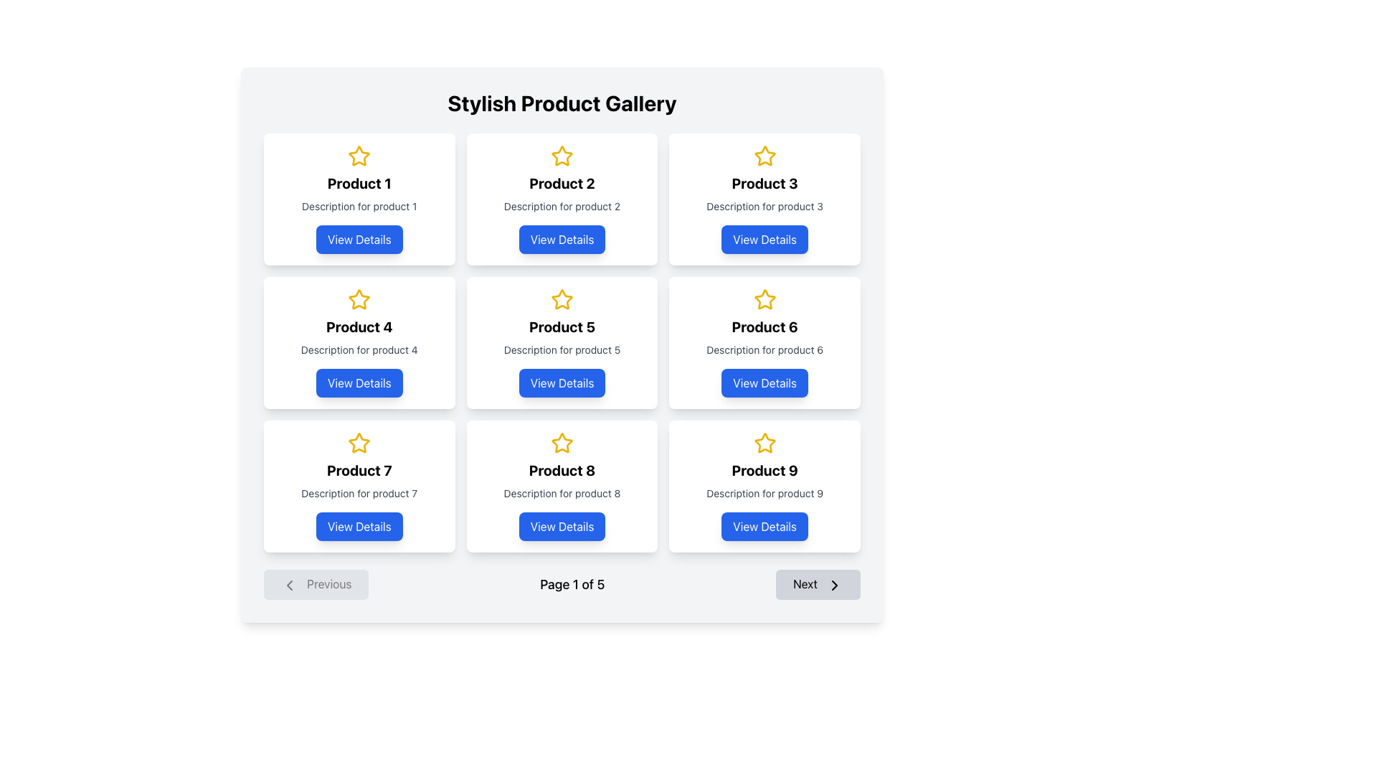 The width and height of the screenshot is (1377, 775). I want to click on the text element that displays the product name, located at the upper-center of the first product card in the grid-based gallery, positioned below the star icon and above the descriptive text, so click(359, 182).